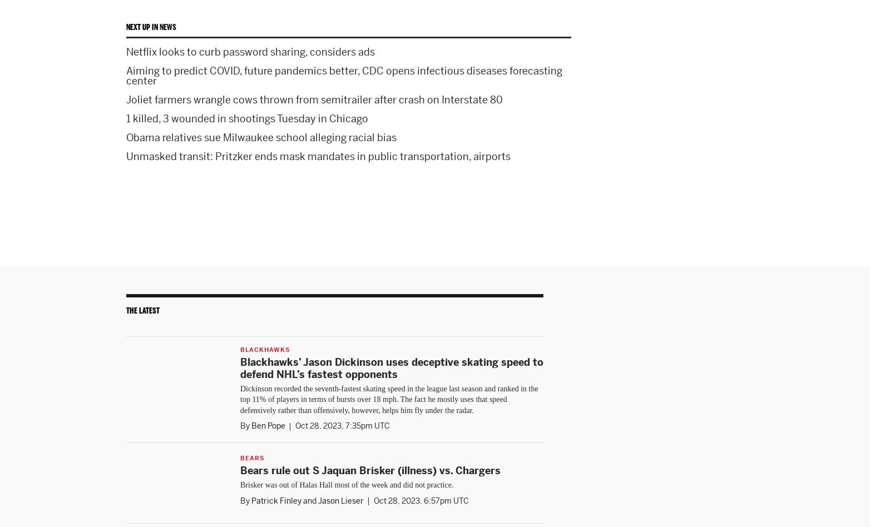 Image resolution: width=871 pixels, height=527 pixels. Describe the element at coordinates (250, 52) in the screenshot. I see `'Netflix looks to curb password sharing, considers ads'` at that location.